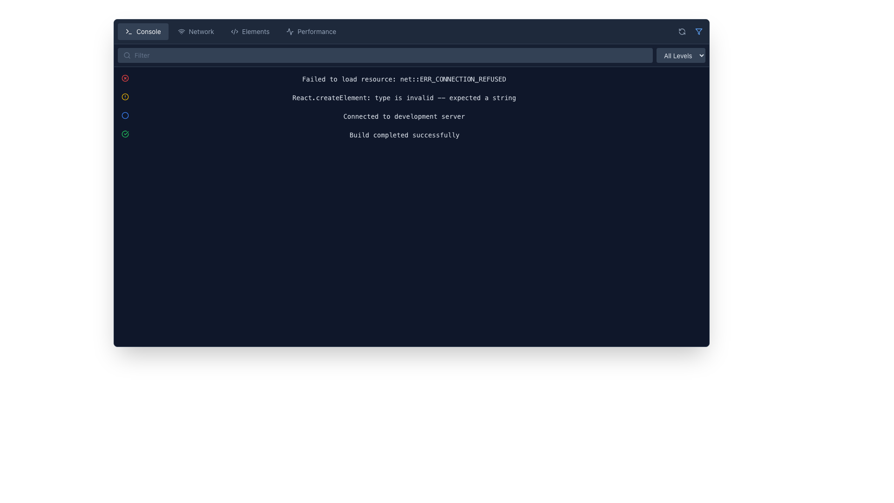 Image resolution: width=894 pixels, height=503 pixels. I want to click on warning message content from the Notification item in the log list, which displays the message 'React.createElement: type is invalid -- expected a string', so click(411, 97).